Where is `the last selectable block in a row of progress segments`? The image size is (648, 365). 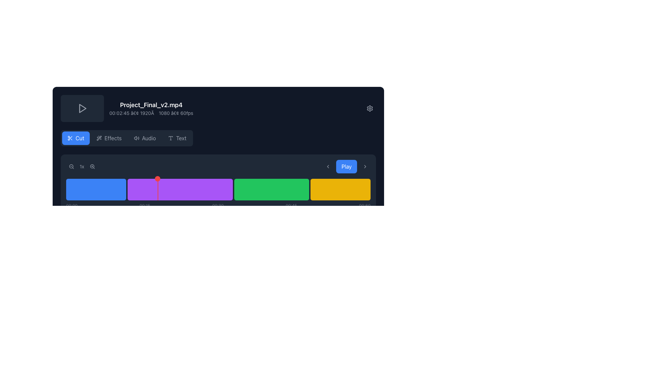
the last selectable block in a row of progress segments is located at coordinates (340, 189).